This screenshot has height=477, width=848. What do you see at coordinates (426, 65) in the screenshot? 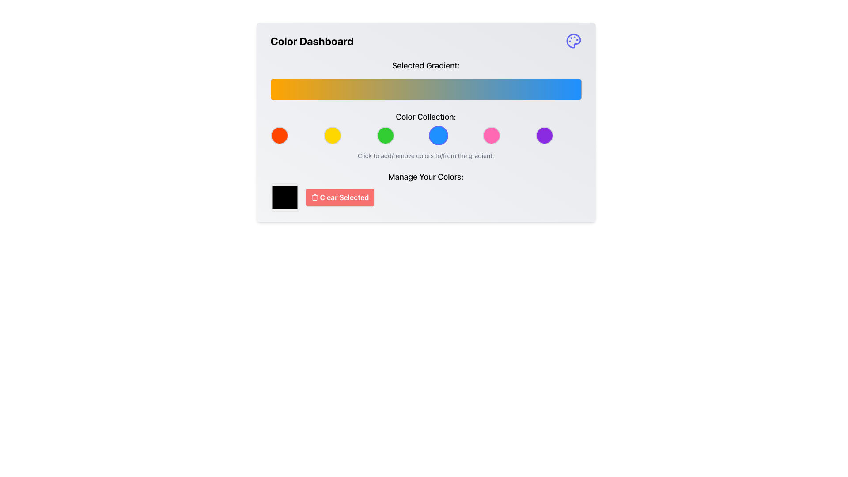
I see `the static text element displaying 'Selected Gradient:' which is located near the top of the 'Color Dashboard' section` at bounding box center [426, 65].